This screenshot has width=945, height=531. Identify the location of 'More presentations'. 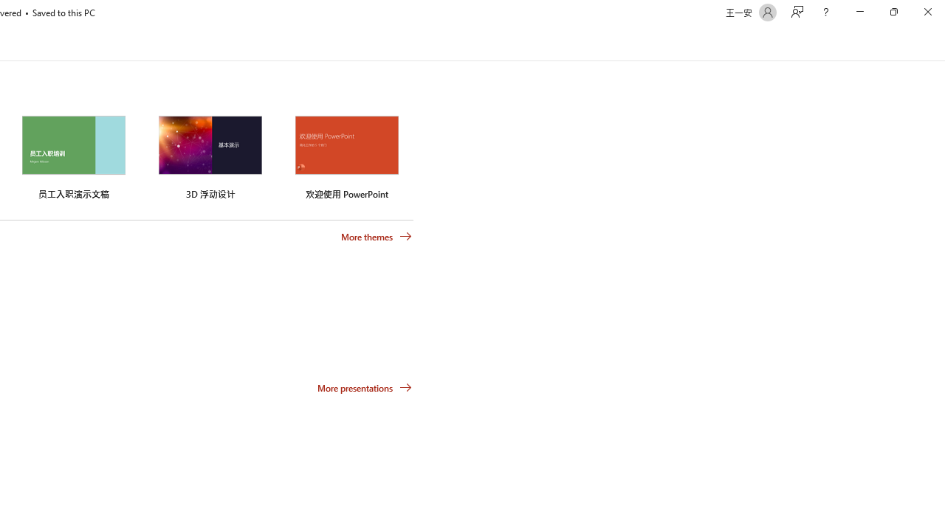
(365, 386).